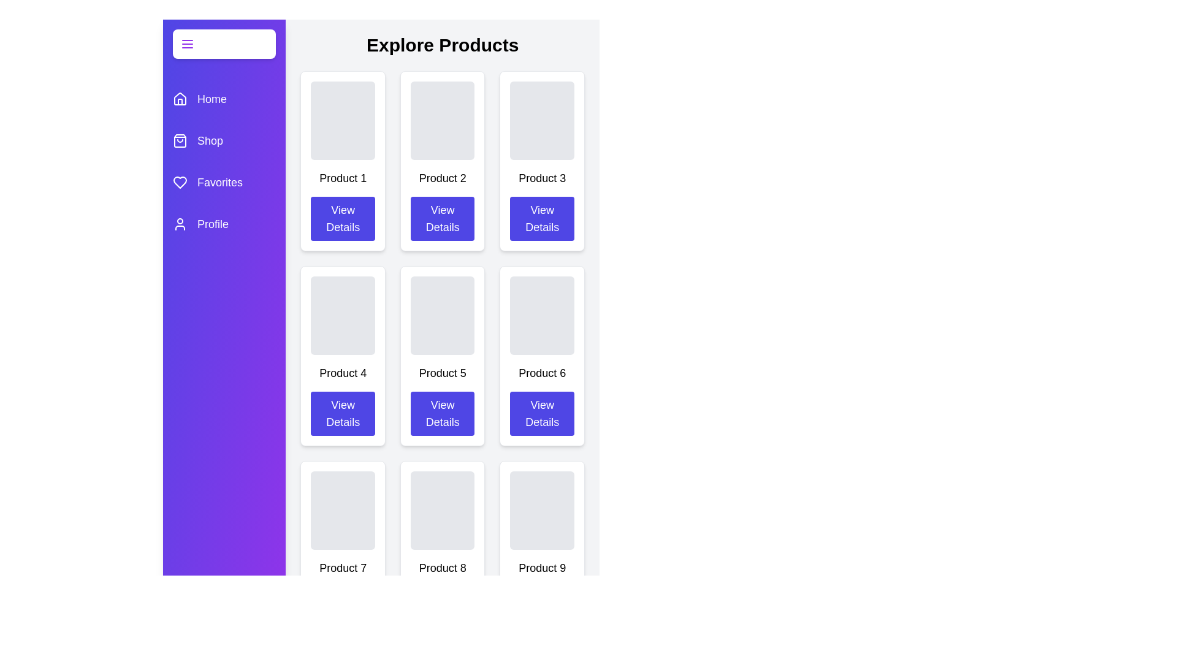  I want to click on the category Home in the drawer to highlight it, so click(224, 99).